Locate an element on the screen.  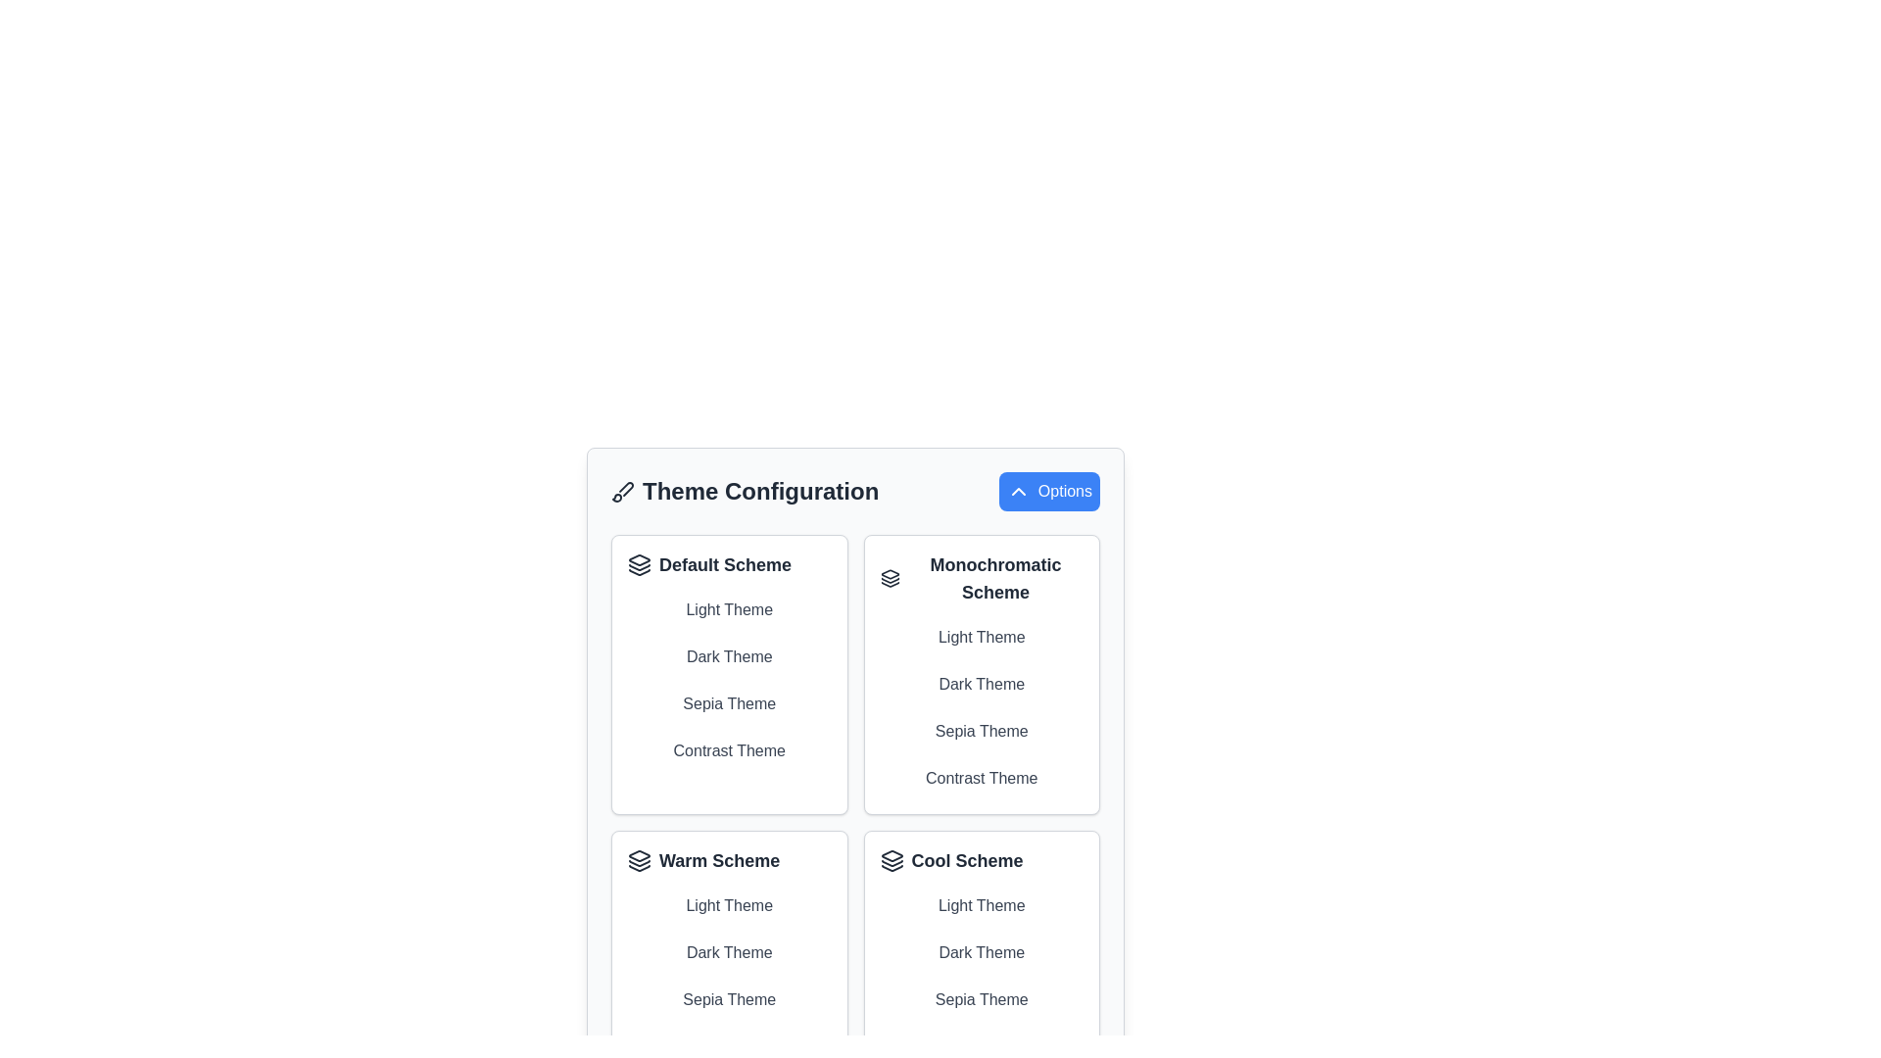
the 'Sepia Theme' text label, which is styled with a rounded rectangle background and gray text color, located in the 'Cool Scheme' section in the bottom right quadrant is located at coordinates (982, 1000).